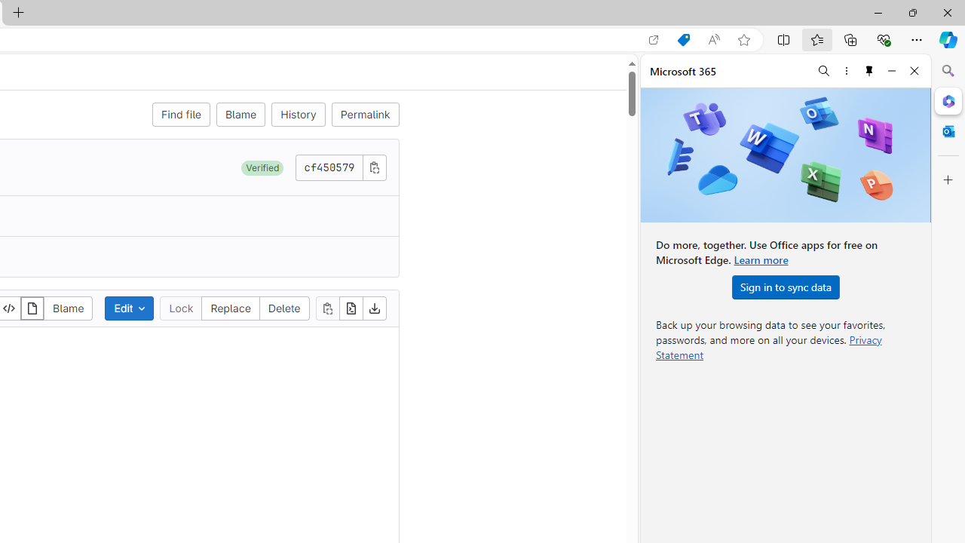 Image resolution: width=965 pixels, height=543 pixels. I want to click on 'Learn more about Microsoft Office.', so click(761, 259).